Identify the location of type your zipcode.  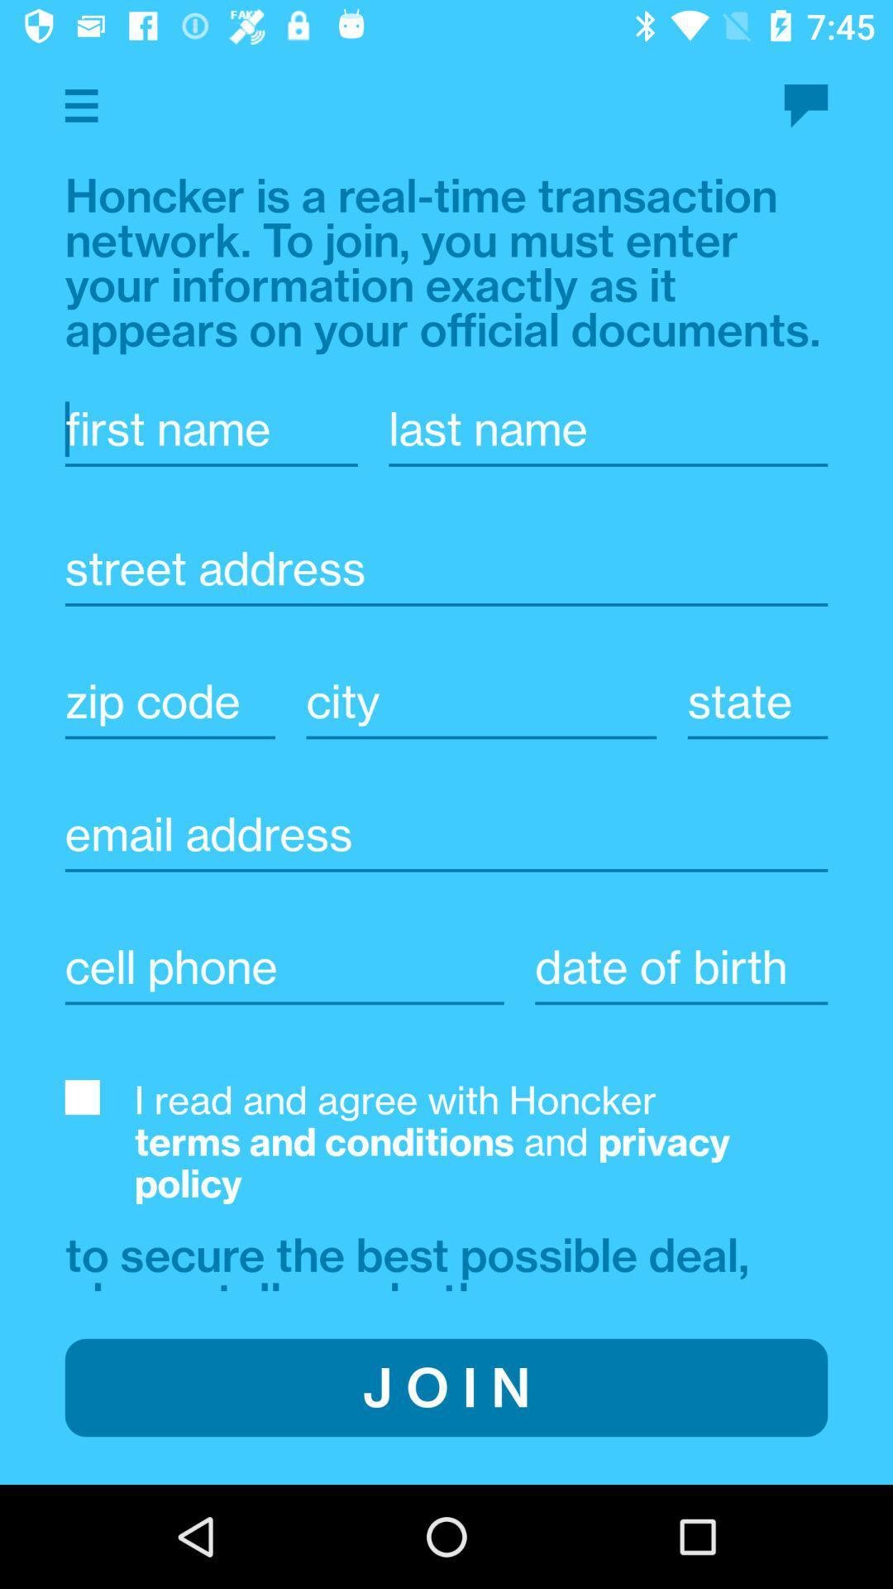
(170, 701).